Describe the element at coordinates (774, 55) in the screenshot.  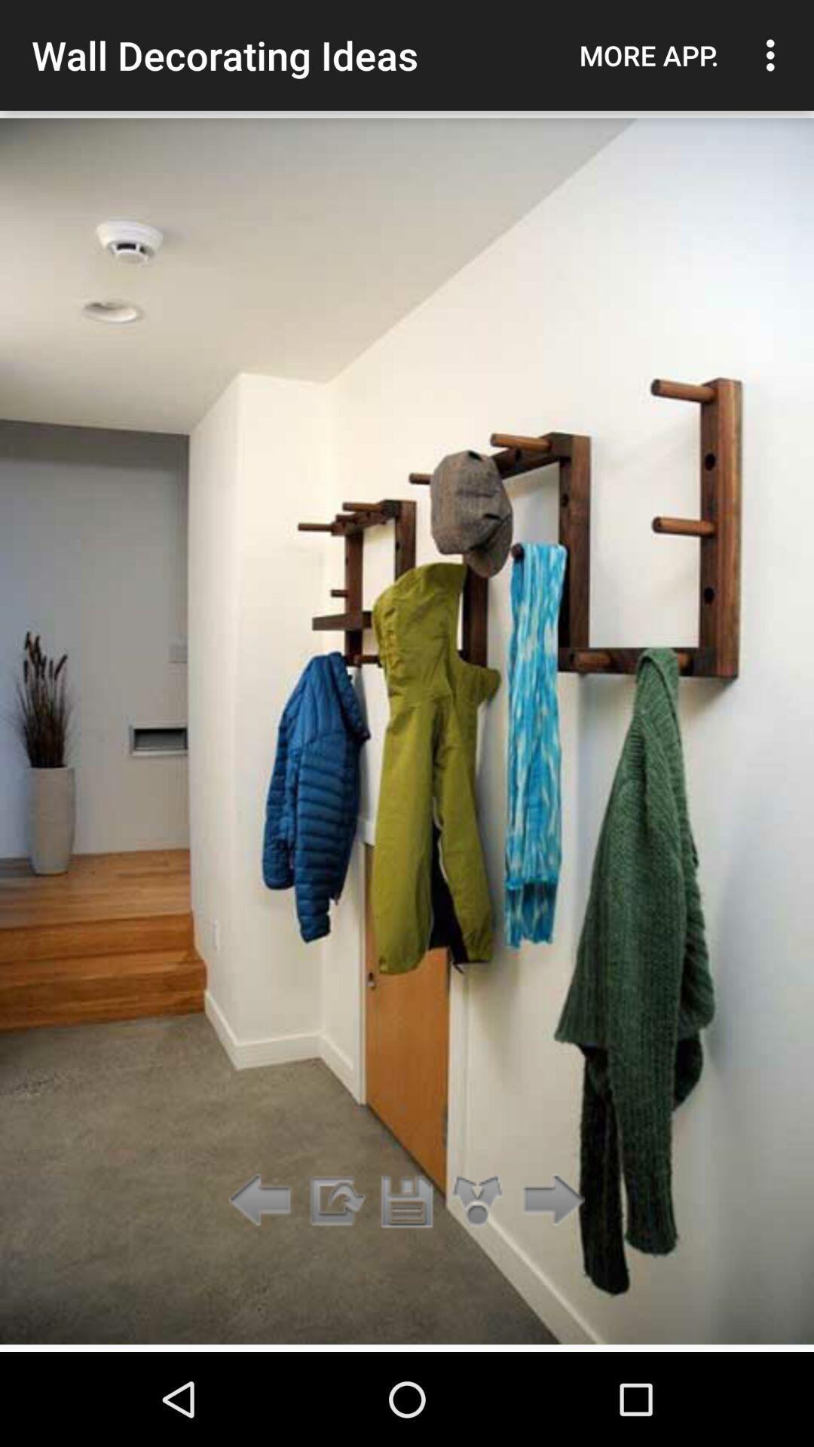
I see `the item next to more app. icon` at that location.